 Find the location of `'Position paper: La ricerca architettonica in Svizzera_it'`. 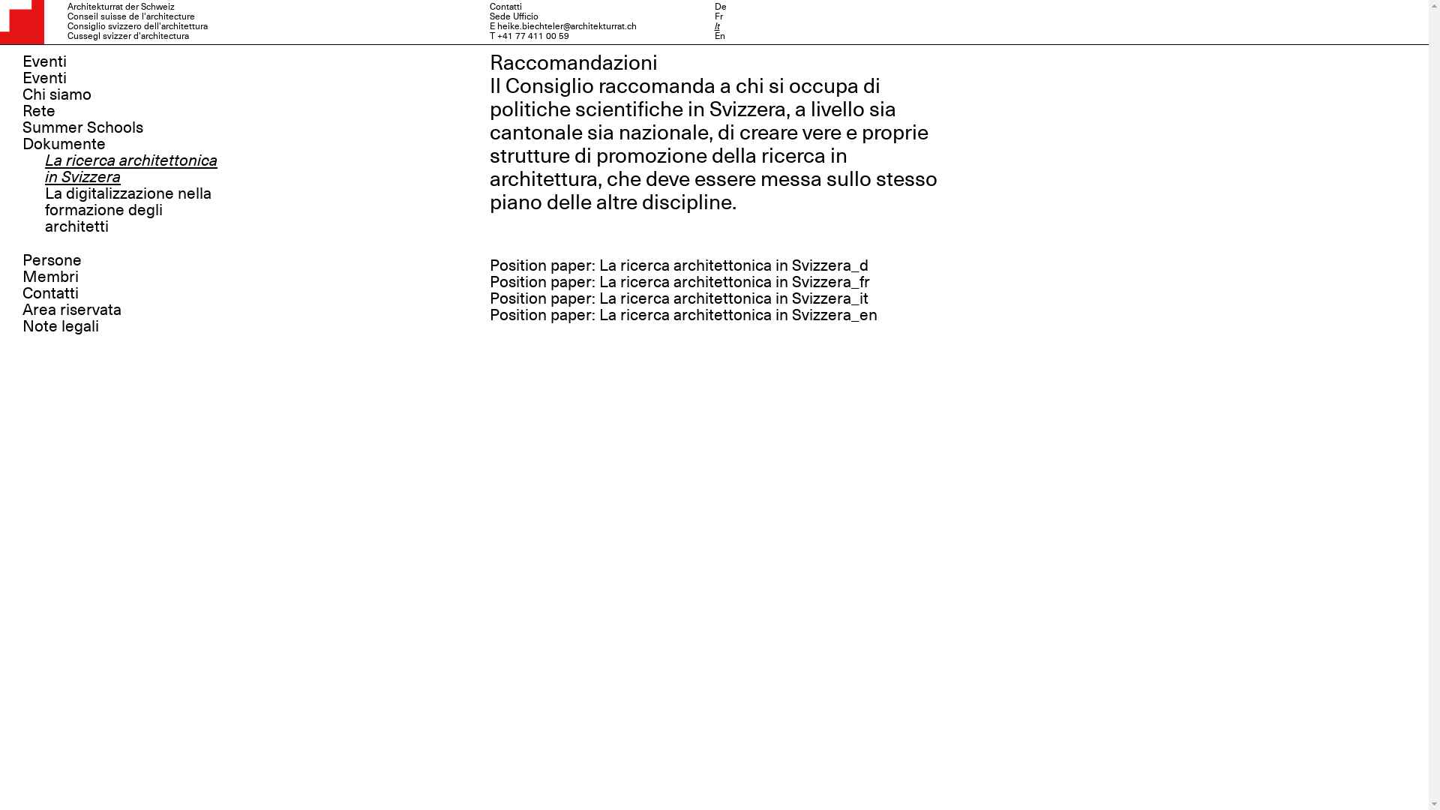

'Position paper: La ricerca architettonica in Svizzera_it' is located at coordinates (677, 298).